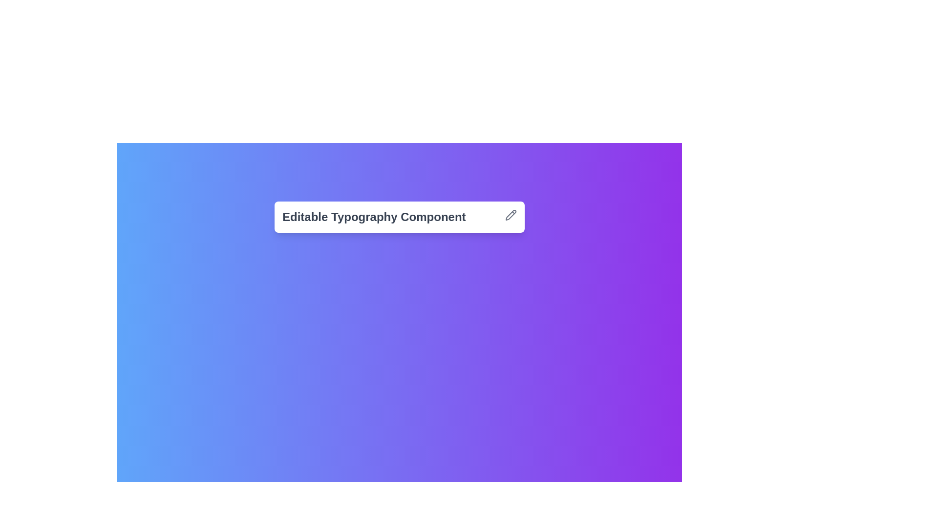 Image resolution: width=938 pixels, height=527 pixels. I want to click on the edit icon button located at the far right of the 'Editable Typography Component' to initiate an editing action, so click(511, 214).